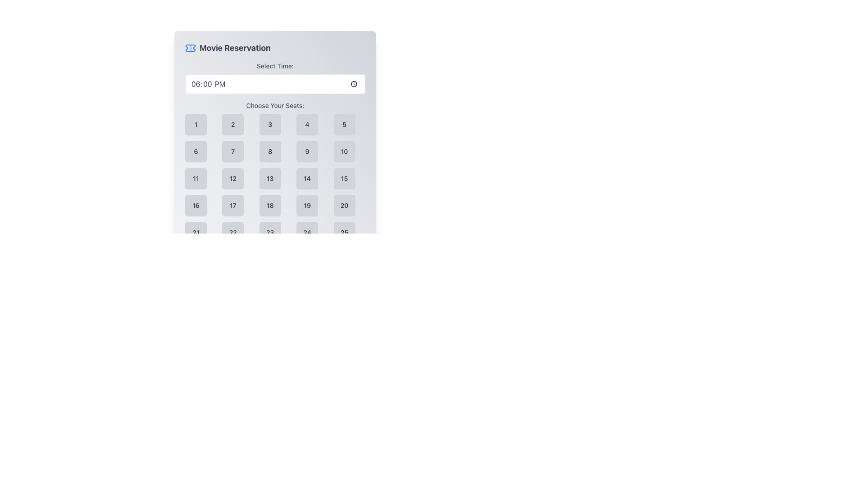 This screenshot has width=865, height=486. I want to click on the Text Label that provides a descriptive heading for the section below it, which is positioned directly below the 'Select Time:' input field and above a grid of seat numbers, so click(274, 105).